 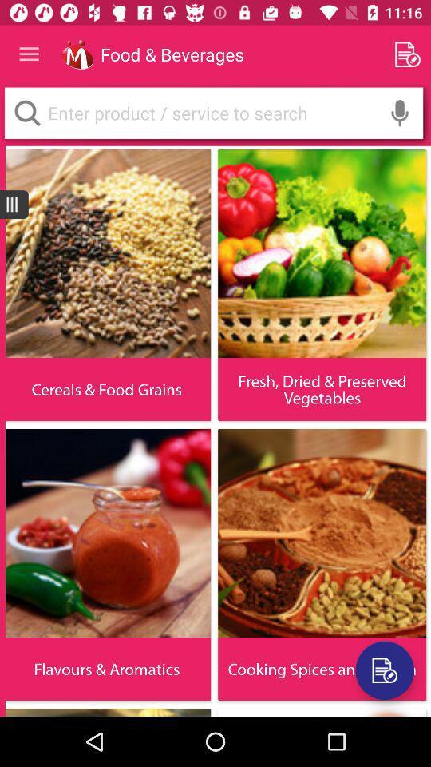 What do you see at coordinates (26, 112) in the screenshot?
I see `the search icon` at bounding box center [26, 112].